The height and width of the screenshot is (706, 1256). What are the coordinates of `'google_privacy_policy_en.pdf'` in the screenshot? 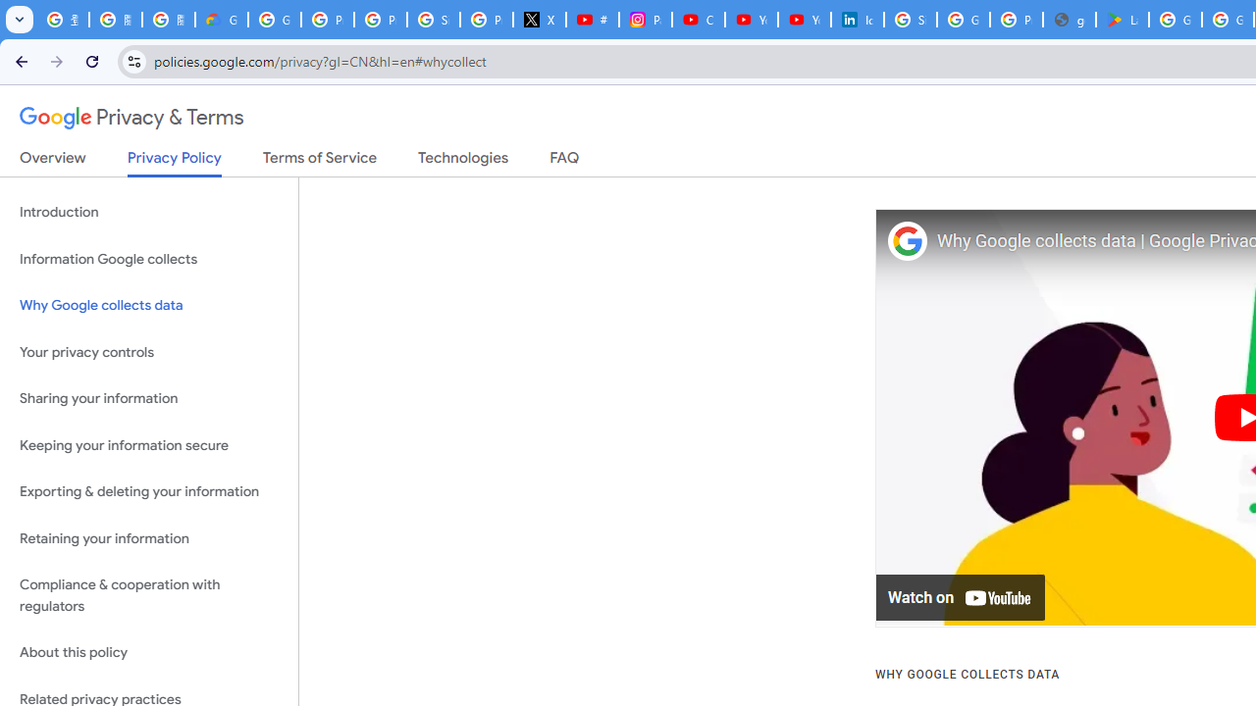 It's located at (1068, 20).